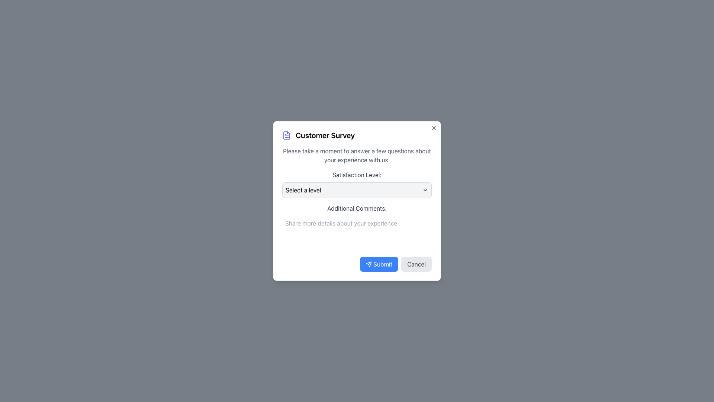 The width and height of the screenshot is (714, 402). Describe the element at coordinates (379, 264) in the screenshot. I see `the submit button located in the lower right section of the modal dialog` at that location.